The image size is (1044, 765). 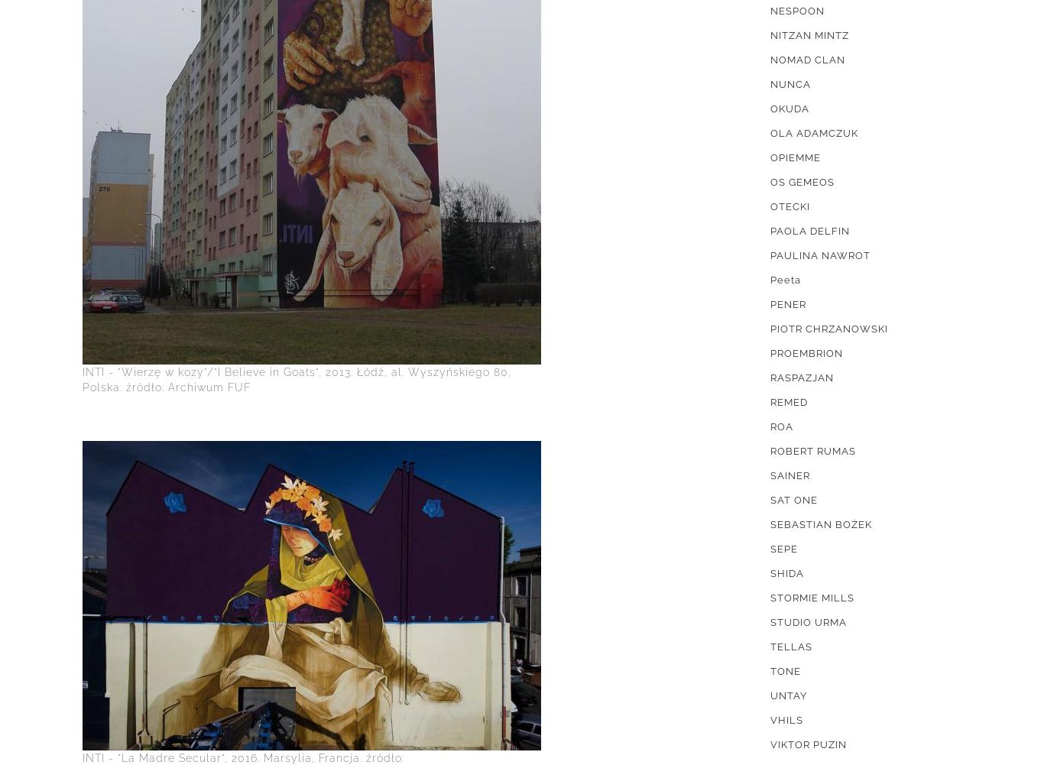 What do you see at coordinates (809, 231) in the screenshot?
I see `'PAOLA DELFIN'` at bounding box center [809, 231].